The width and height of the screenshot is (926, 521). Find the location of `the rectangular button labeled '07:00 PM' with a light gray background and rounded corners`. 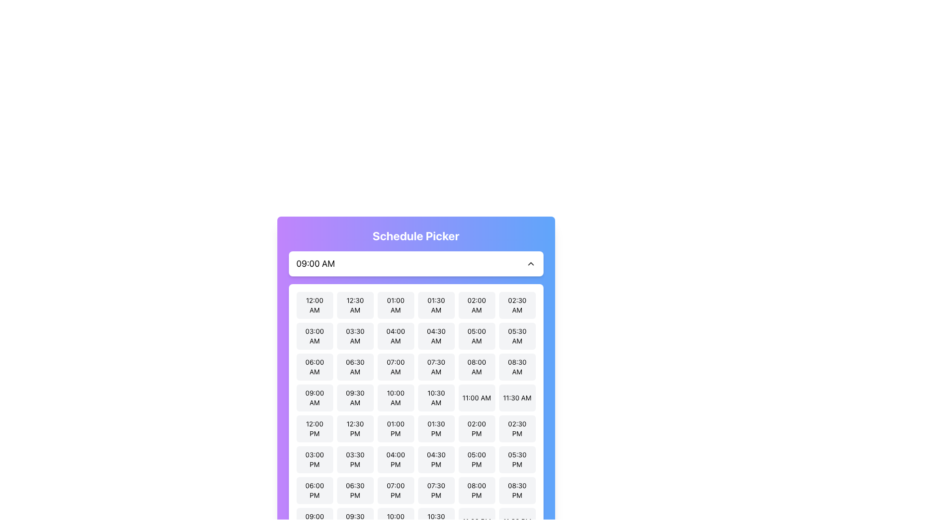

the rectangular button labeled '07:00 PM' with a light gray background and rounded corners is located at coordinates (395, 491).